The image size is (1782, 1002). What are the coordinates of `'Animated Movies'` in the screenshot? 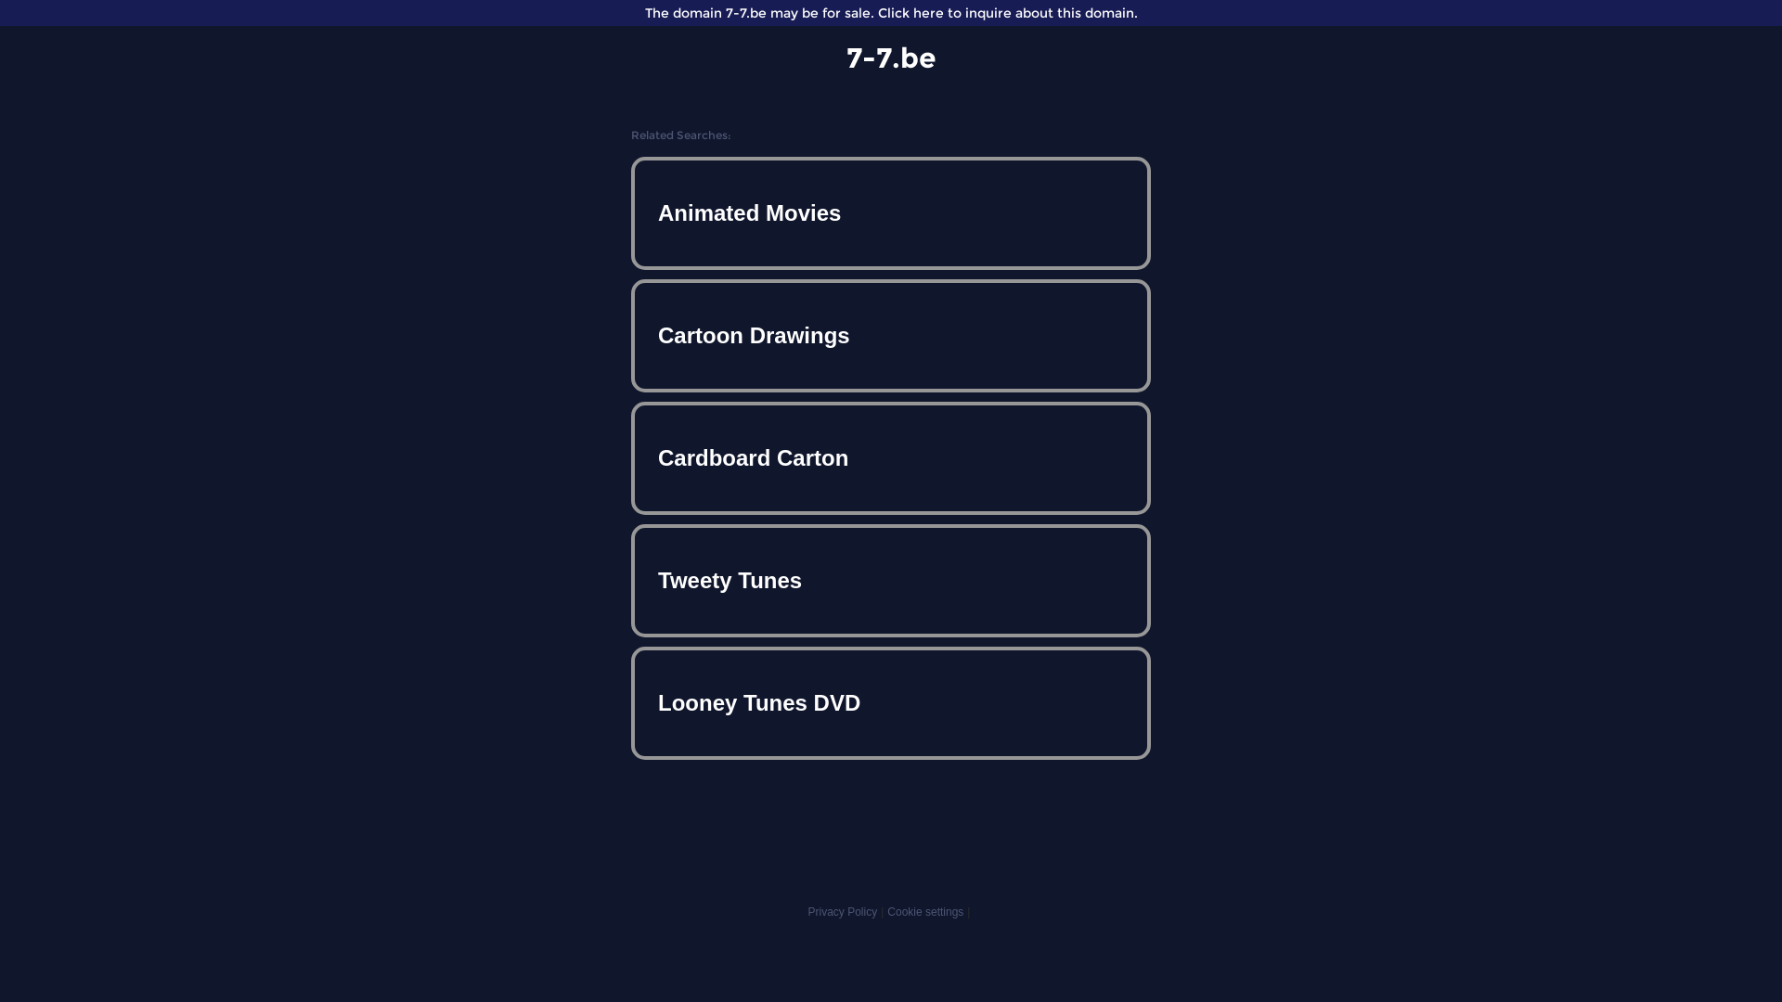 It's located at (891, 212).